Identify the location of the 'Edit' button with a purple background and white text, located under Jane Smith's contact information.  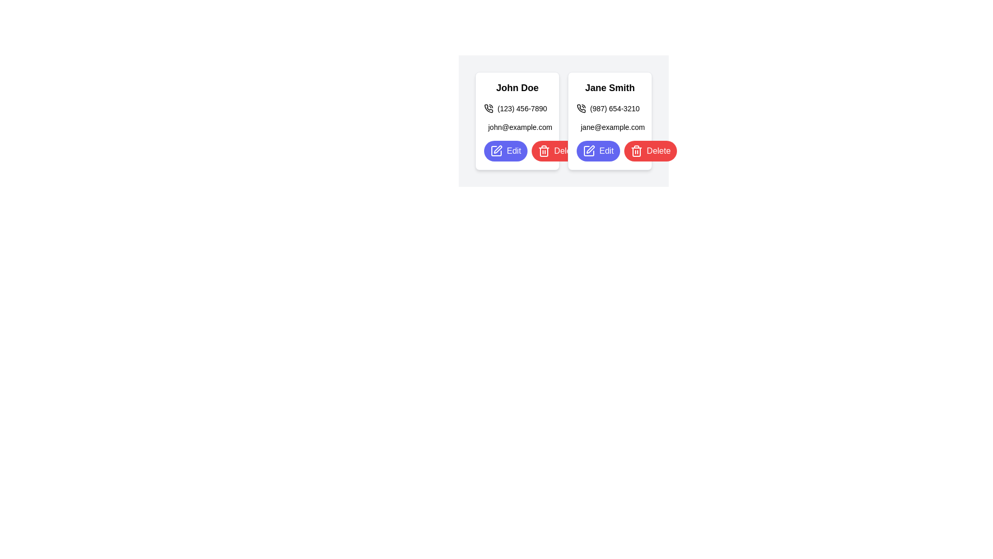
(598, 151).